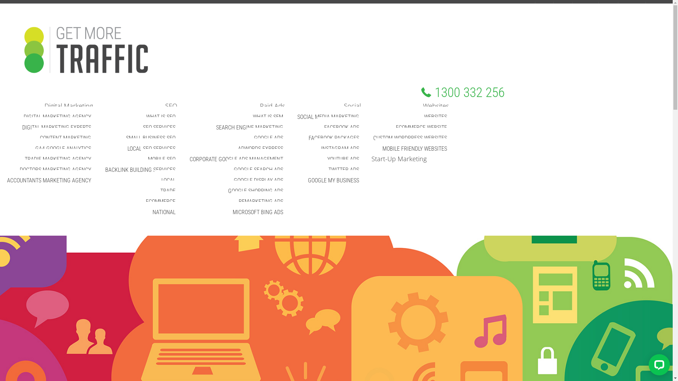 Image resolution: width=678 pixels, height=381 pixels. What do you see at coordinates (415, 148) in the screenshot?
I see `'MOBILE FRIENDLY WEBSITES'` at bounding box center [415, 148].